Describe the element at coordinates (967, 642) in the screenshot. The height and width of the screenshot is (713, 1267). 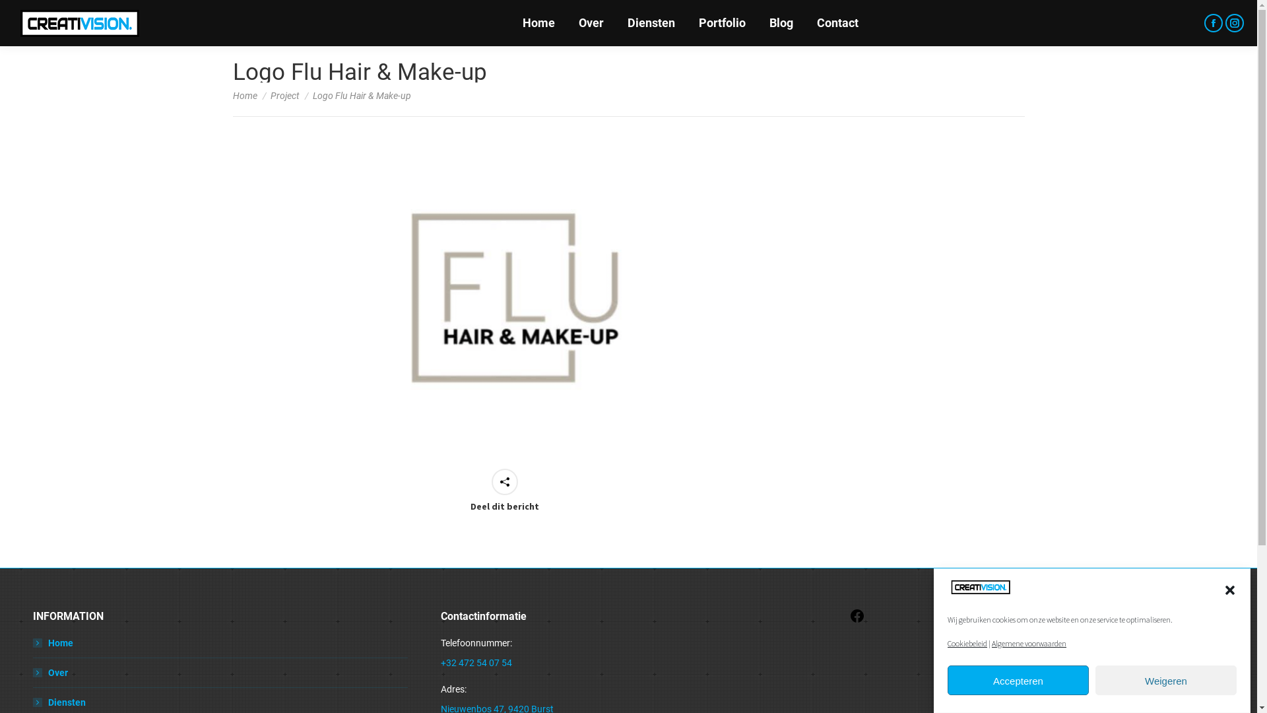
I see `'Cookiebeleid'` at that location.